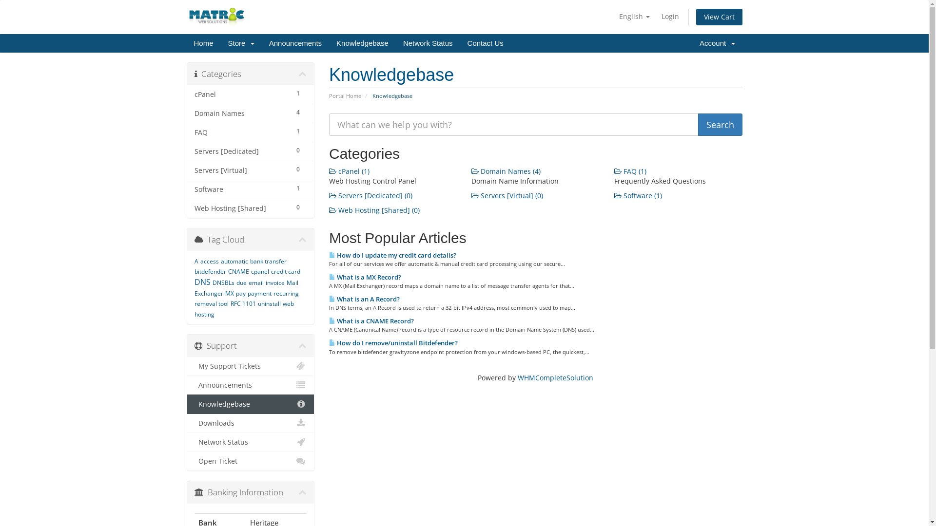 This screenshot has width=936, height=526. What do you see at coordinates (345, 95) in the screenshot?
I see `'Portal Home'` at bounding box center [345, 95].